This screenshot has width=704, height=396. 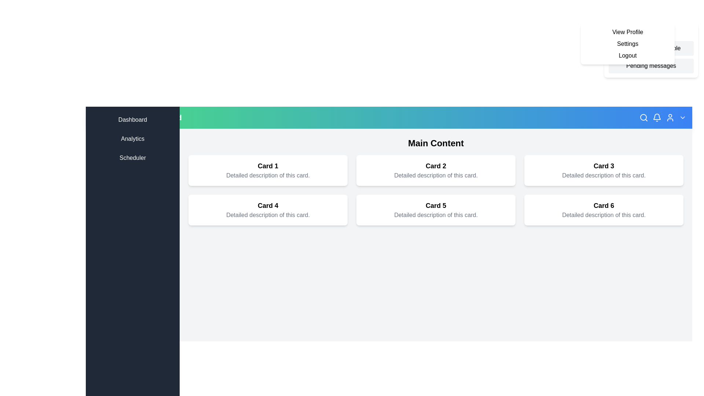 What do you see at coordinates (651, 32) in the screenshot?
I see `the Text label that serves as a header or title within the notification card, positioned at the top-left above other text components` at bounding box center [651, 32].